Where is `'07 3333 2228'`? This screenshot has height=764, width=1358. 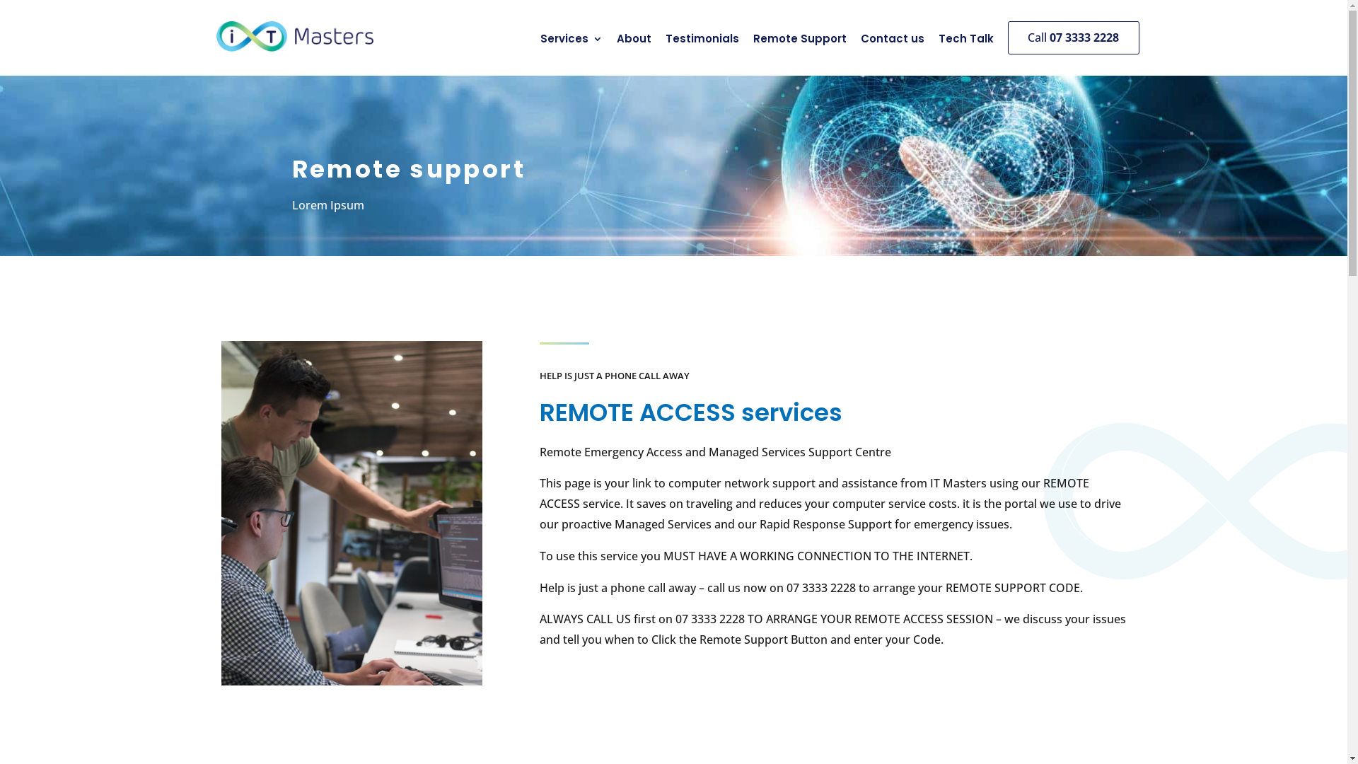
'07 3333 2228' is located at coordinates (821, 587).